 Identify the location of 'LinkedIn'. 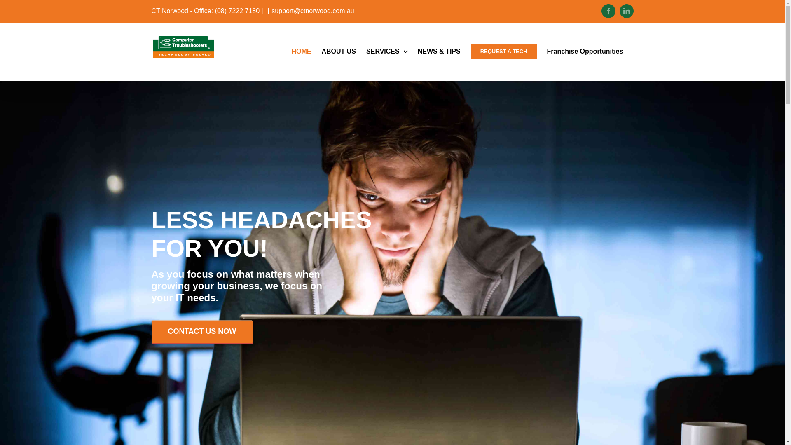
(626, 11).